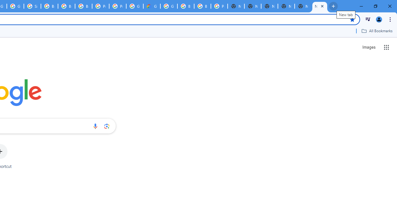  Describe the element at coordinates (202, 6) in the screenshot. I see `'Browse Chrome as a guest - Computer - Google Chrome Help'` at that location.